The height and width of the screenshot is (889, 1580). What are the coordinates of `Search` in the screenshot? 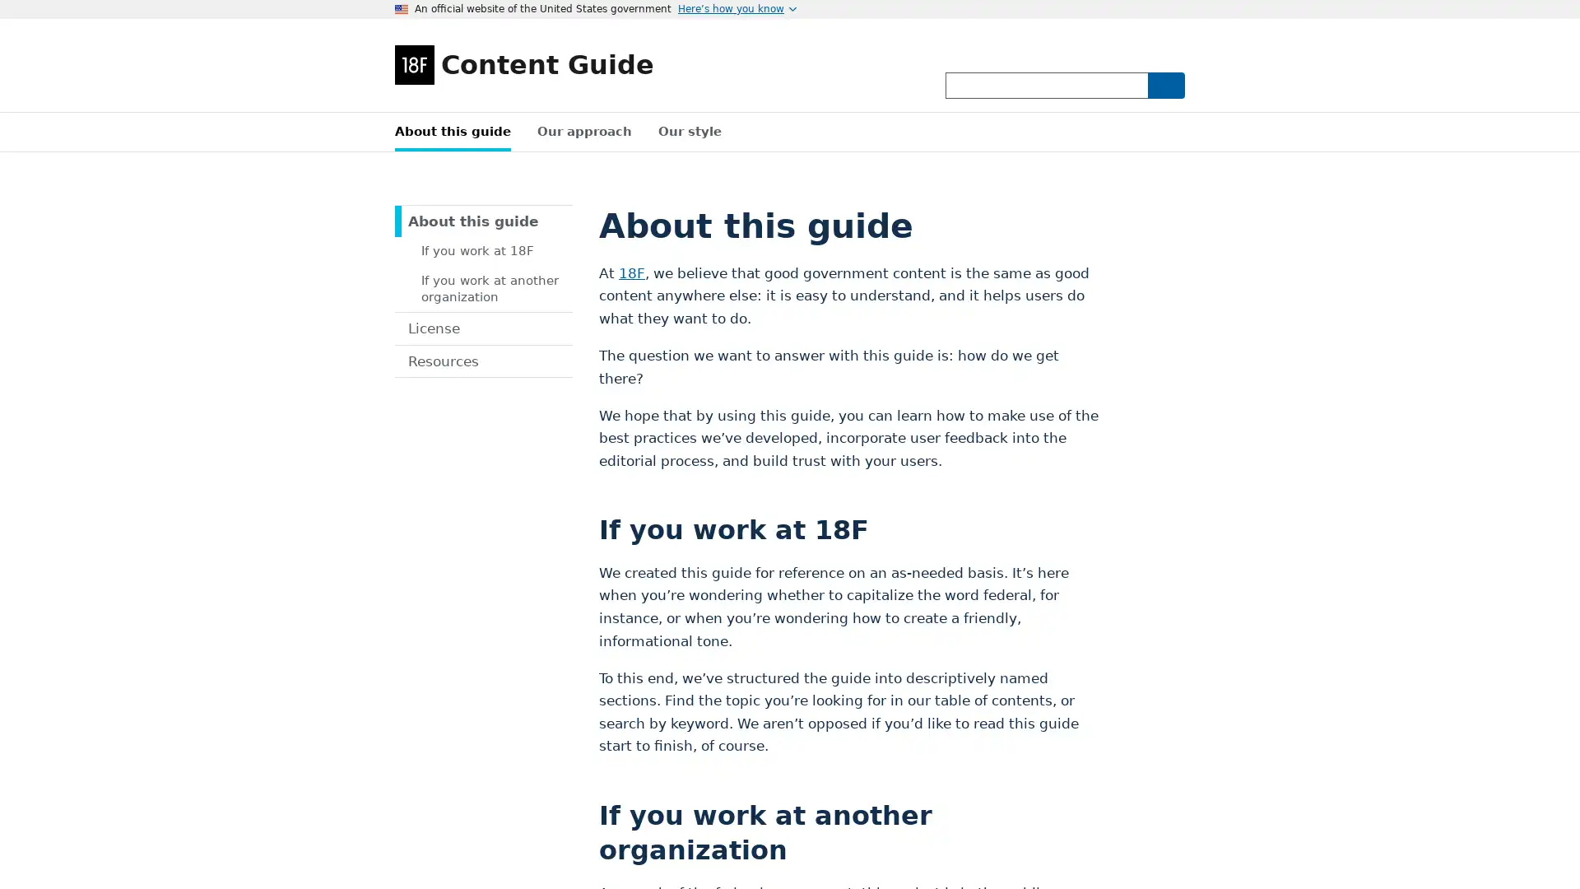 It's located at (1164, 85).